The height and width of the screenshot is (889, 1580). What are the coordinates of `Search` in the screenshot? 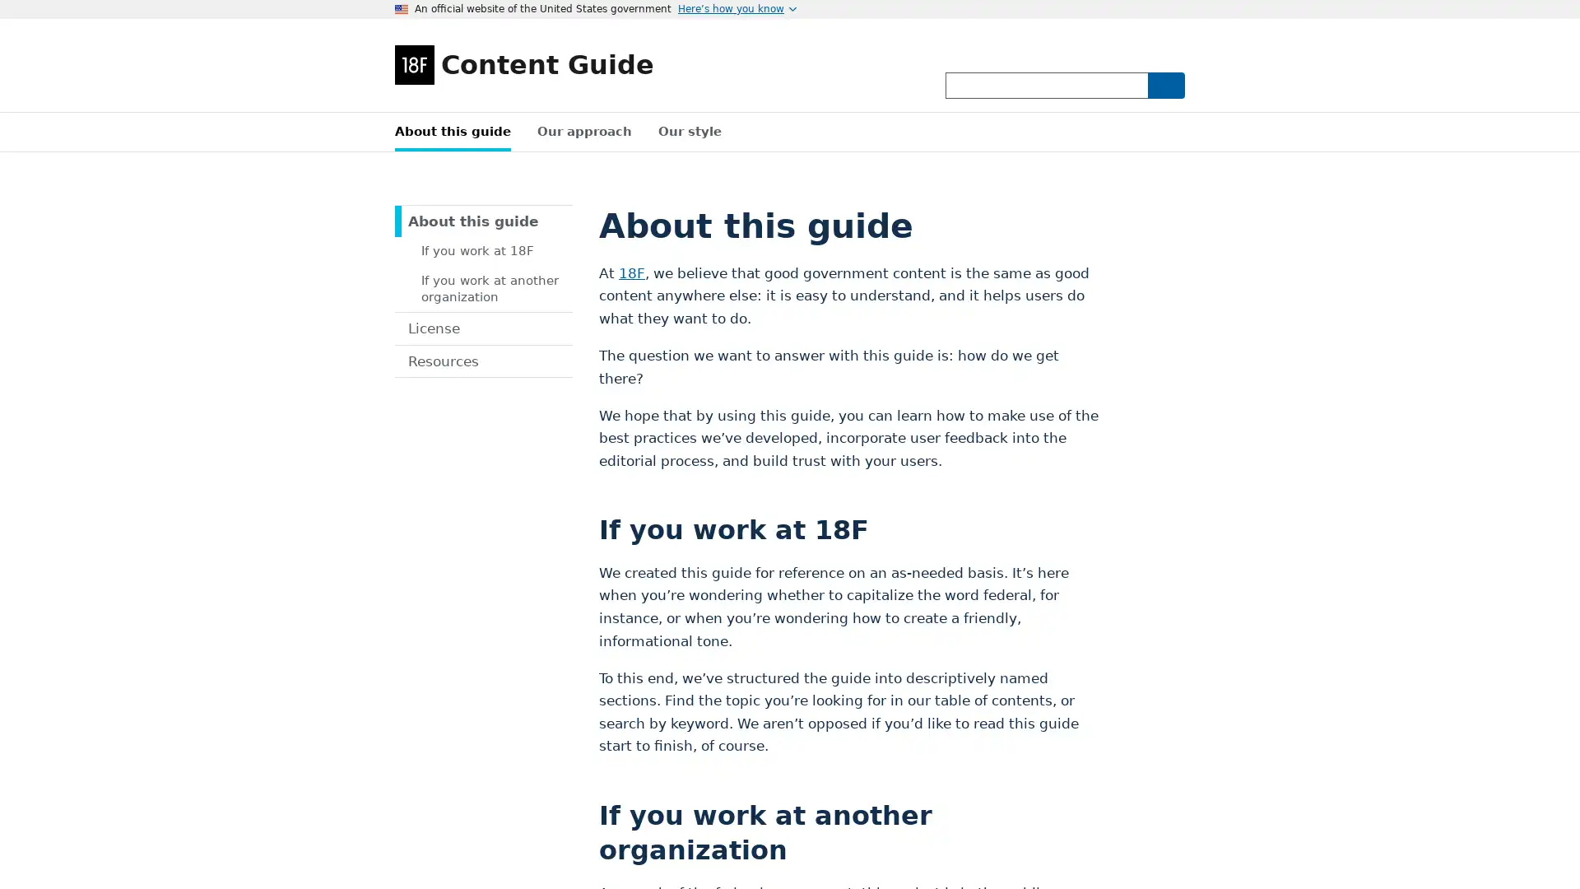 It's located at (1164, 85).